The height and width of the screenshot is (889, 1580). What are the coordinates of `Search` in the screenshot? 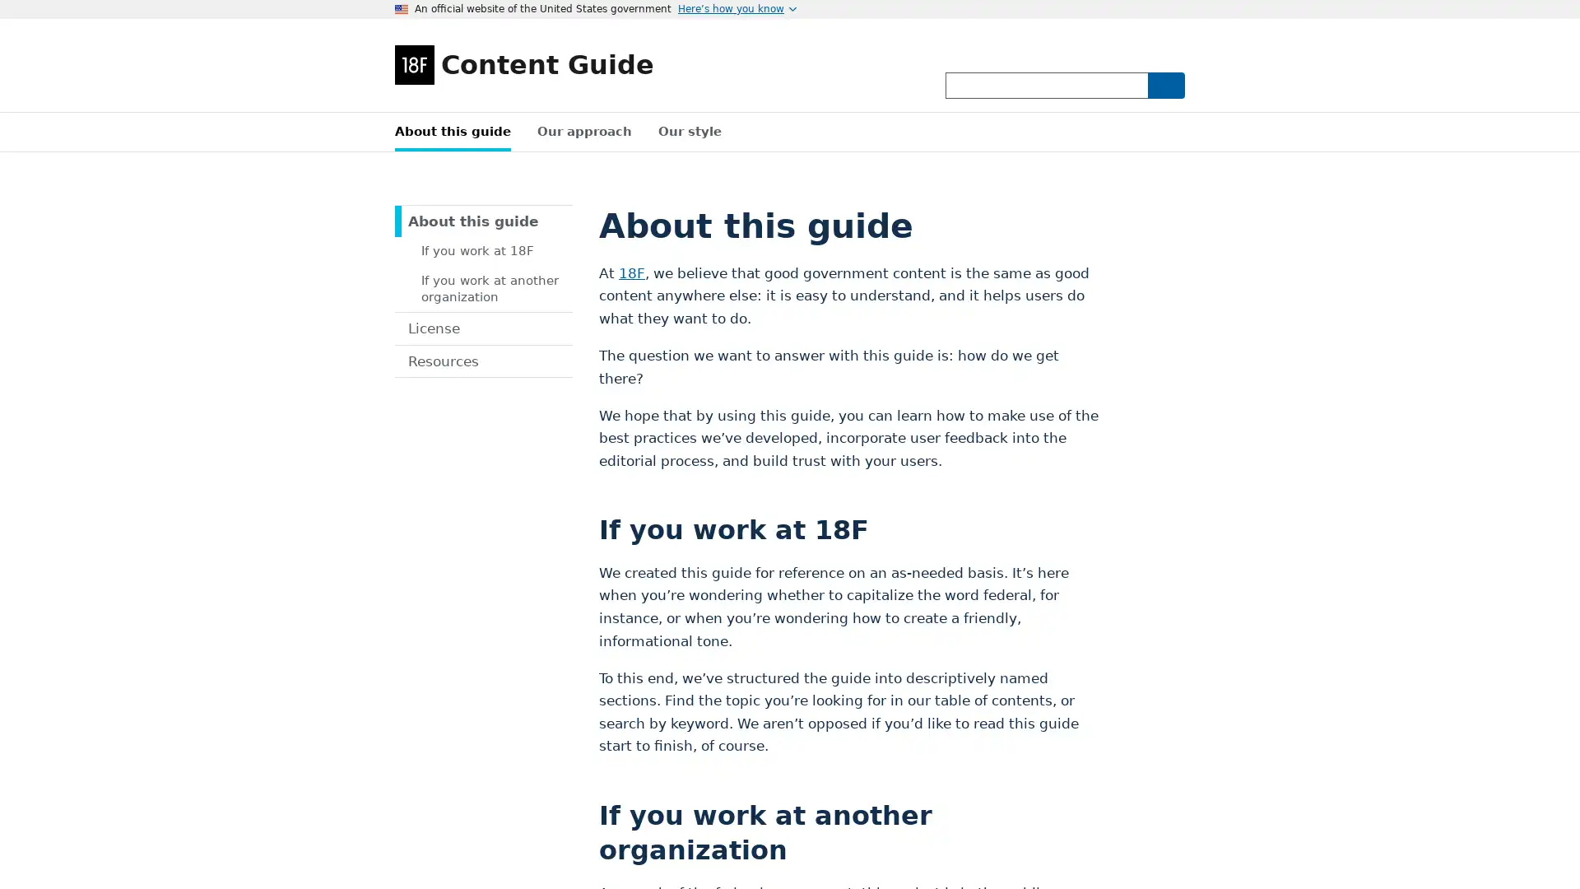 It's located at (1164, 85).